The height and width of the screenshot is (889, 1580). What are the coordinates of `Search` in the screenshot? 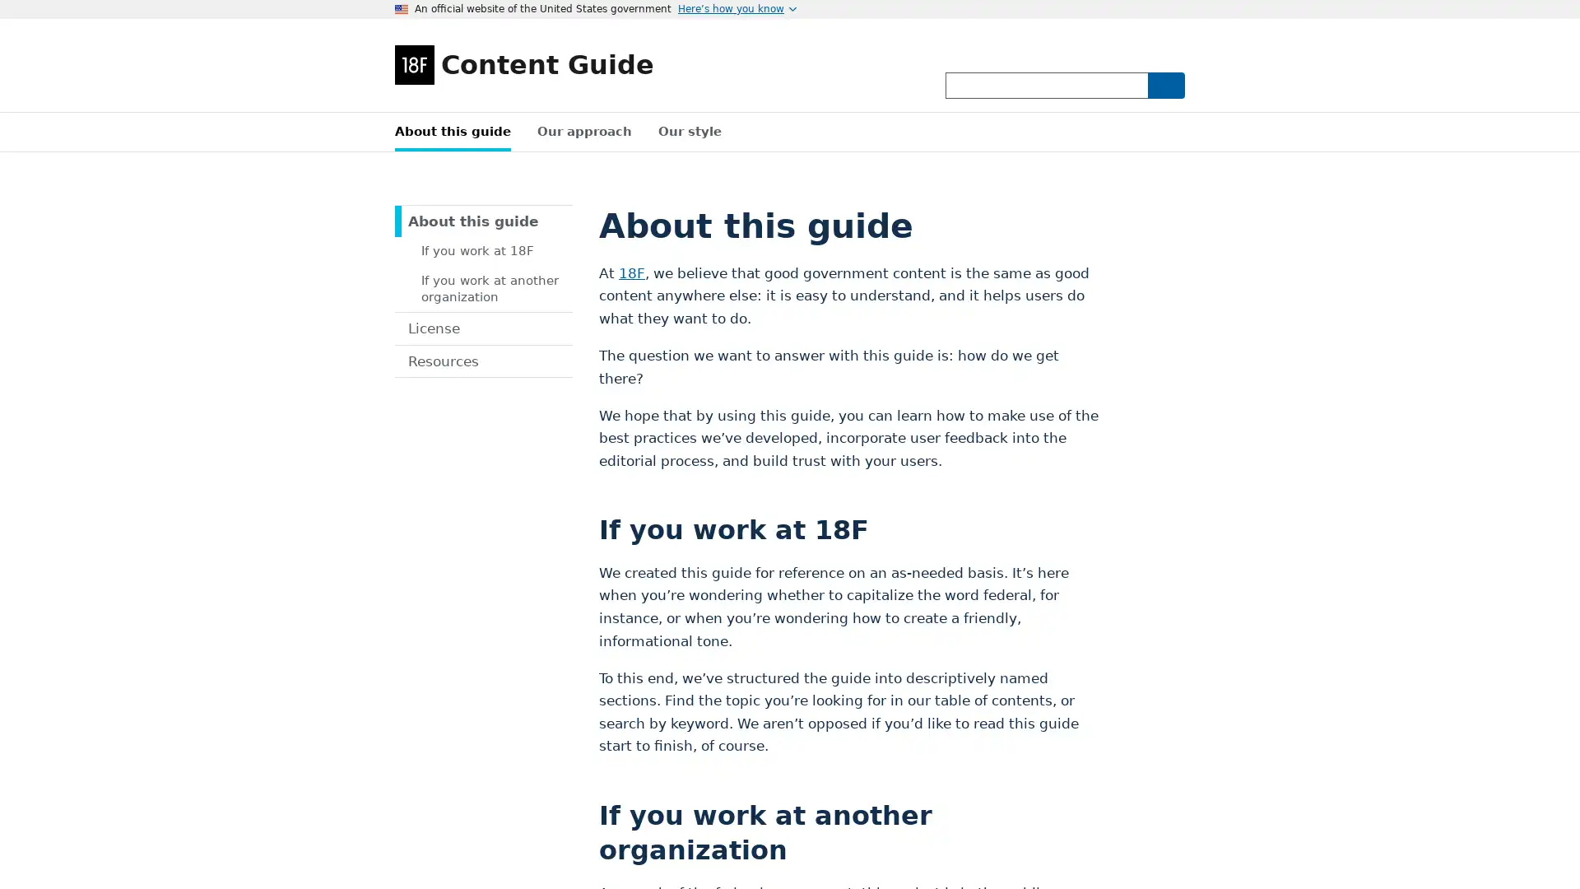 It's located at (1164, 85).